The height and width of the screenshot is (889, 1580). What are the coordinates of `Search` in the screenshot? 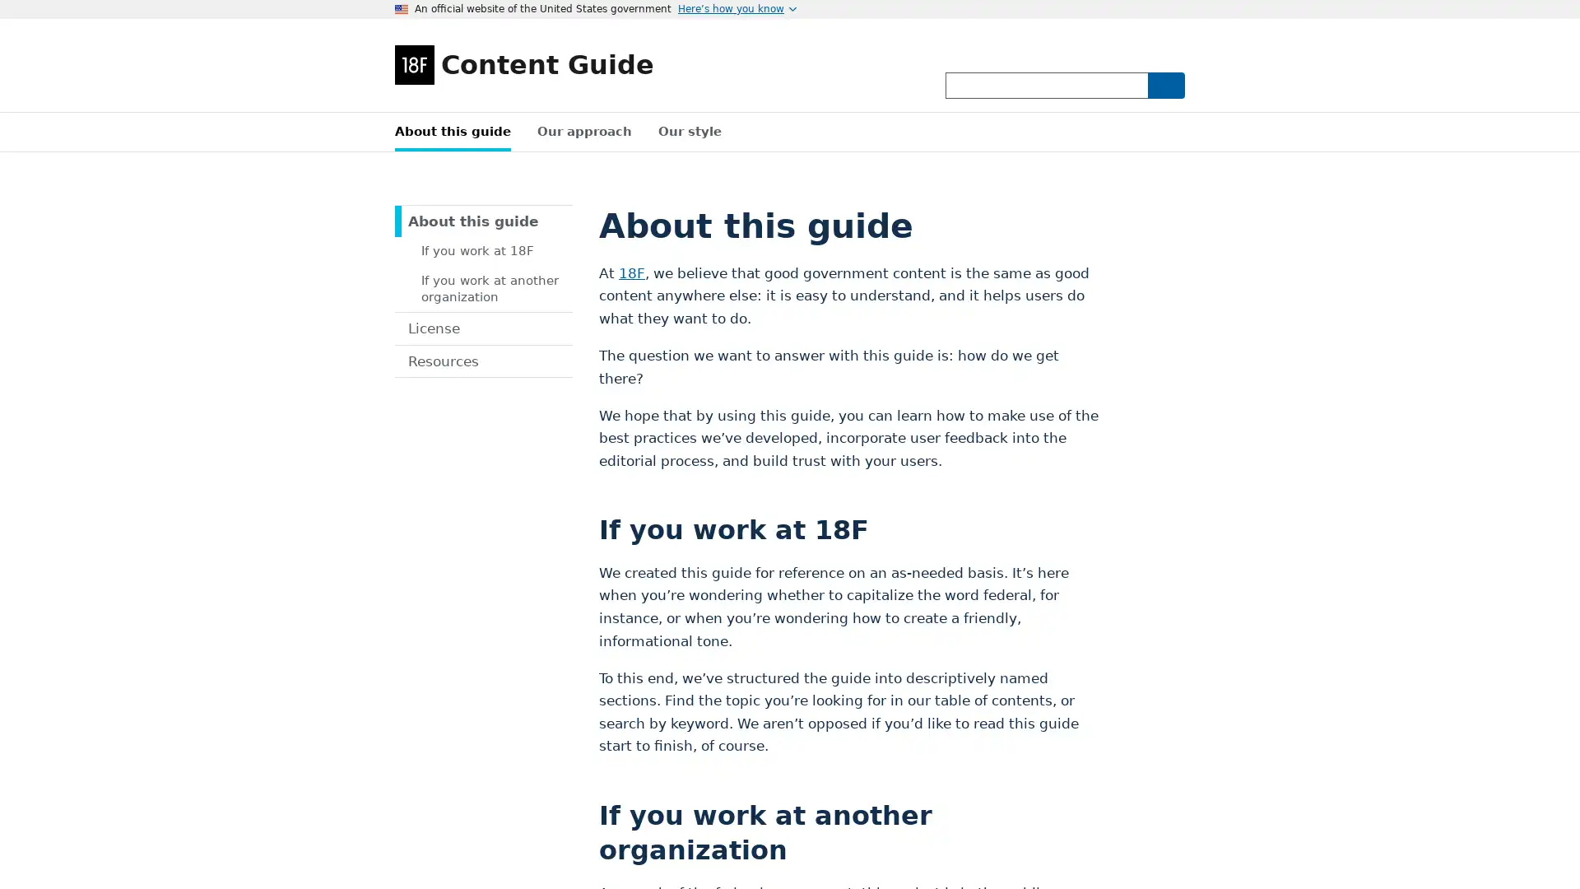 It's located at (1164, 85).